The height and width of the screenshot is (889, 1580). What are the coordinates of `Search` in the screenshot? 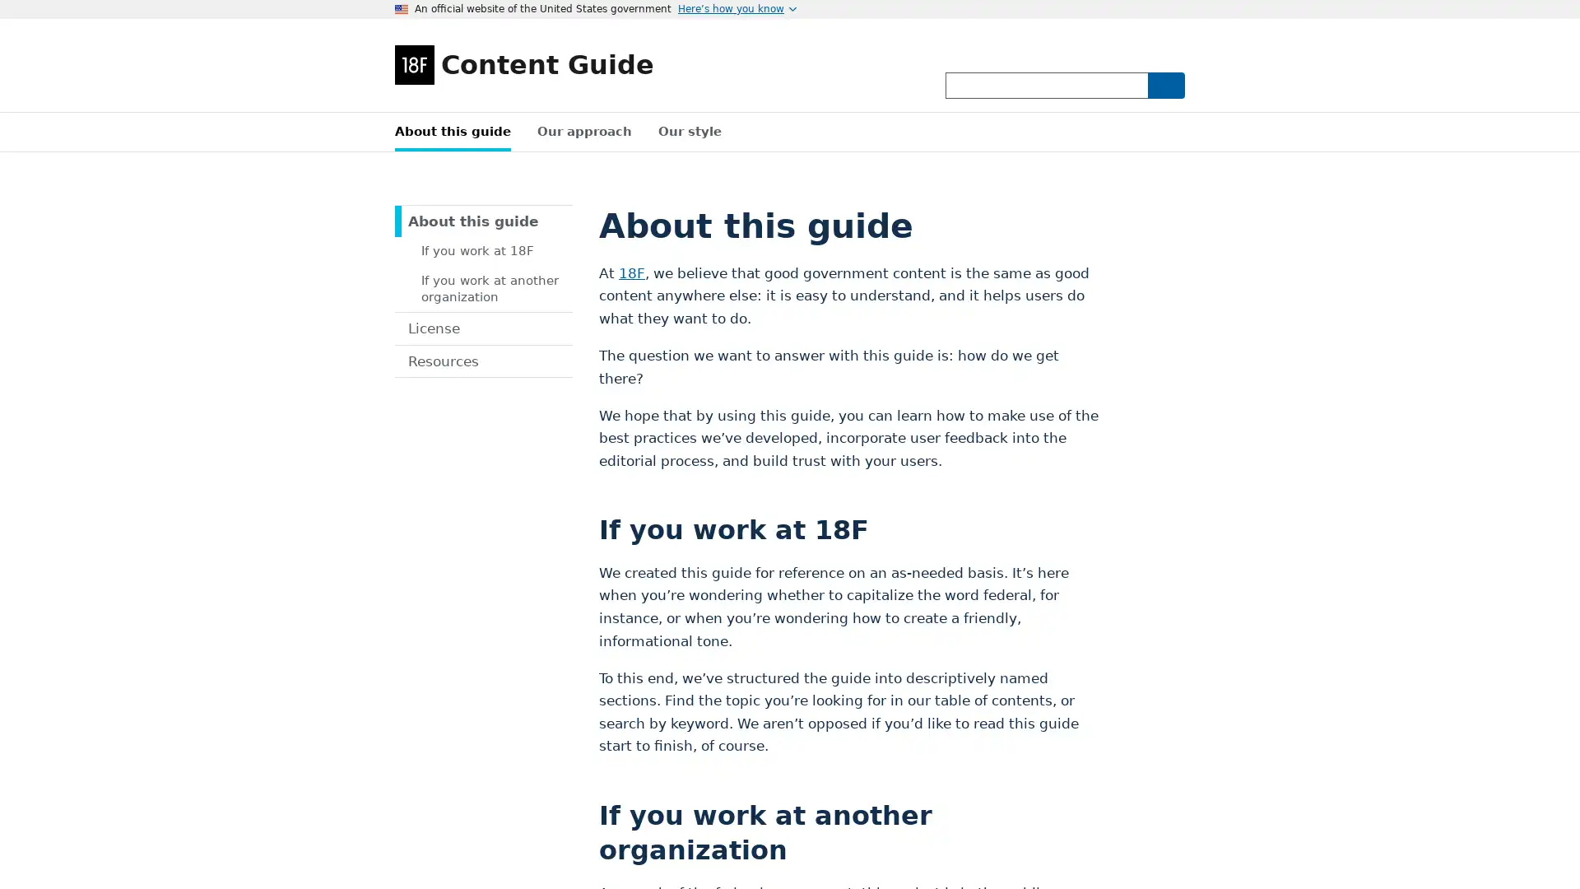 It's located at (1164, 85).